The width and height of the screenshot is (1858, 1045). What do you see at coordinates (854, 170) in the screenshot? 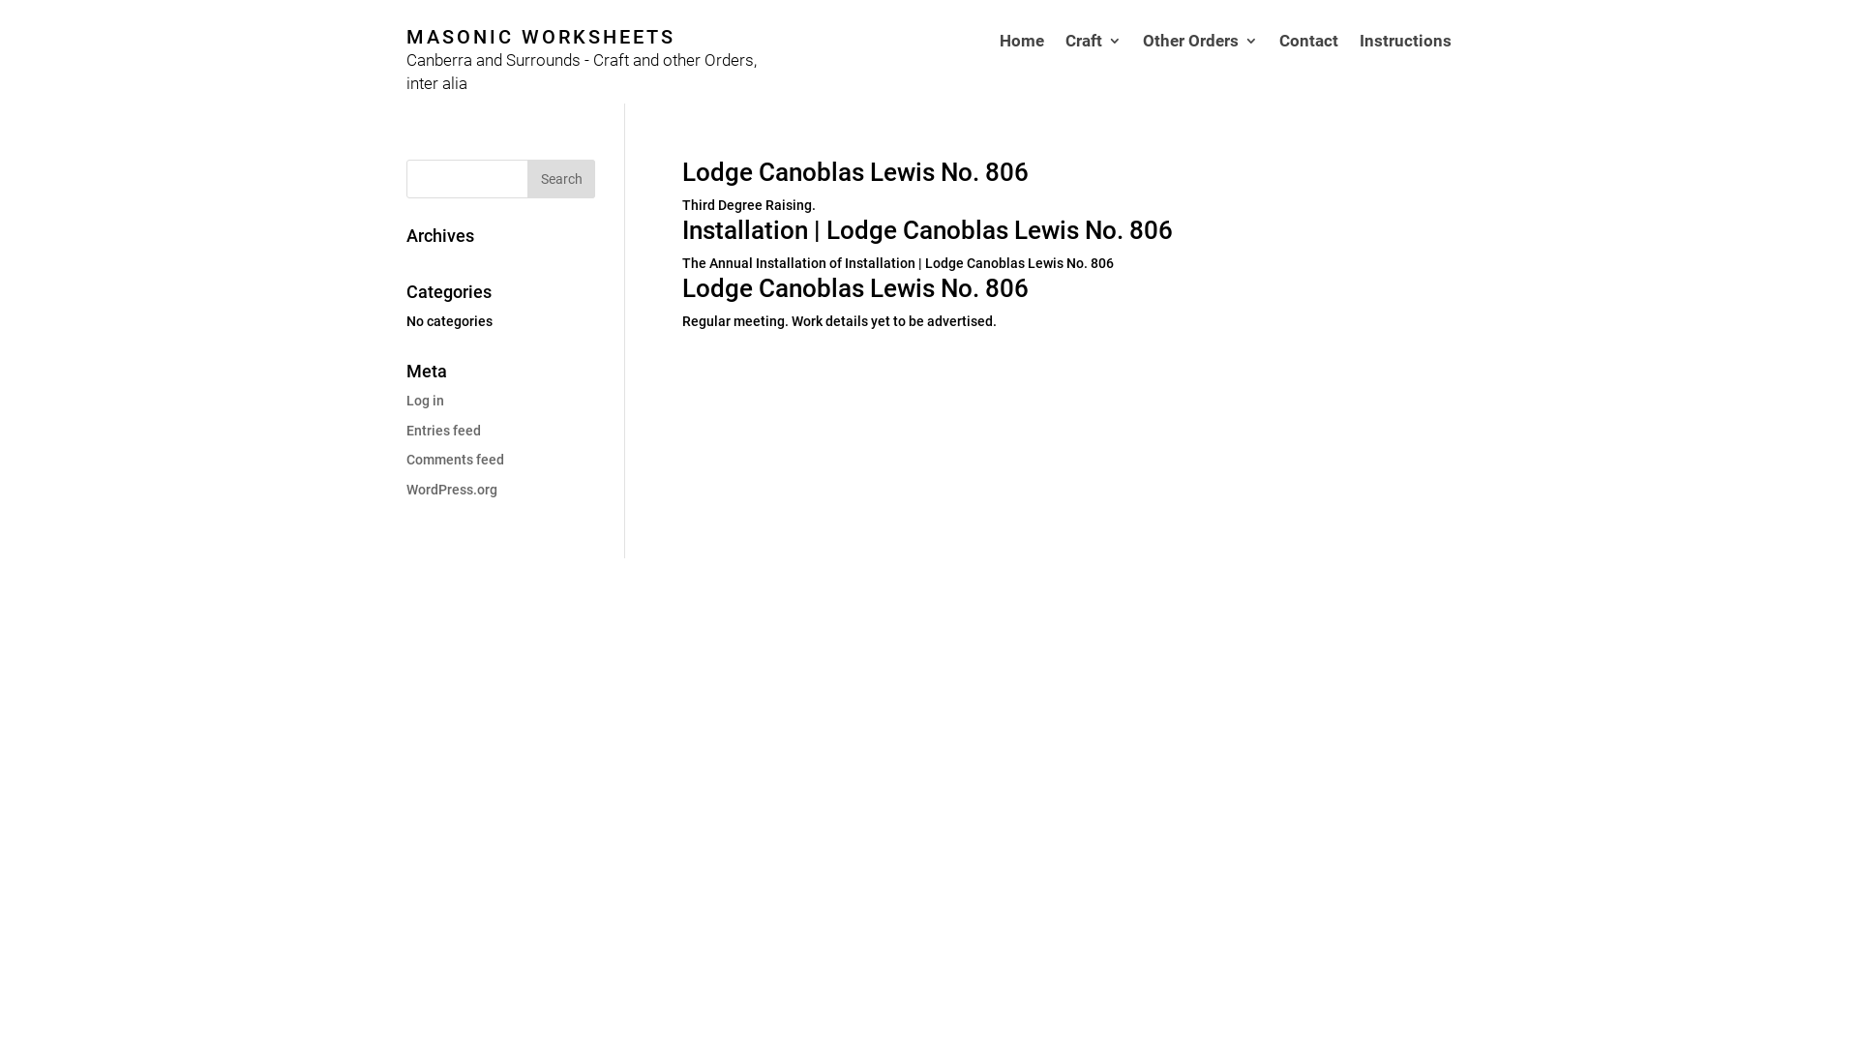
I see `'Lodge Canoblas Lewis No. 806'` at bounding box center [854, 170].